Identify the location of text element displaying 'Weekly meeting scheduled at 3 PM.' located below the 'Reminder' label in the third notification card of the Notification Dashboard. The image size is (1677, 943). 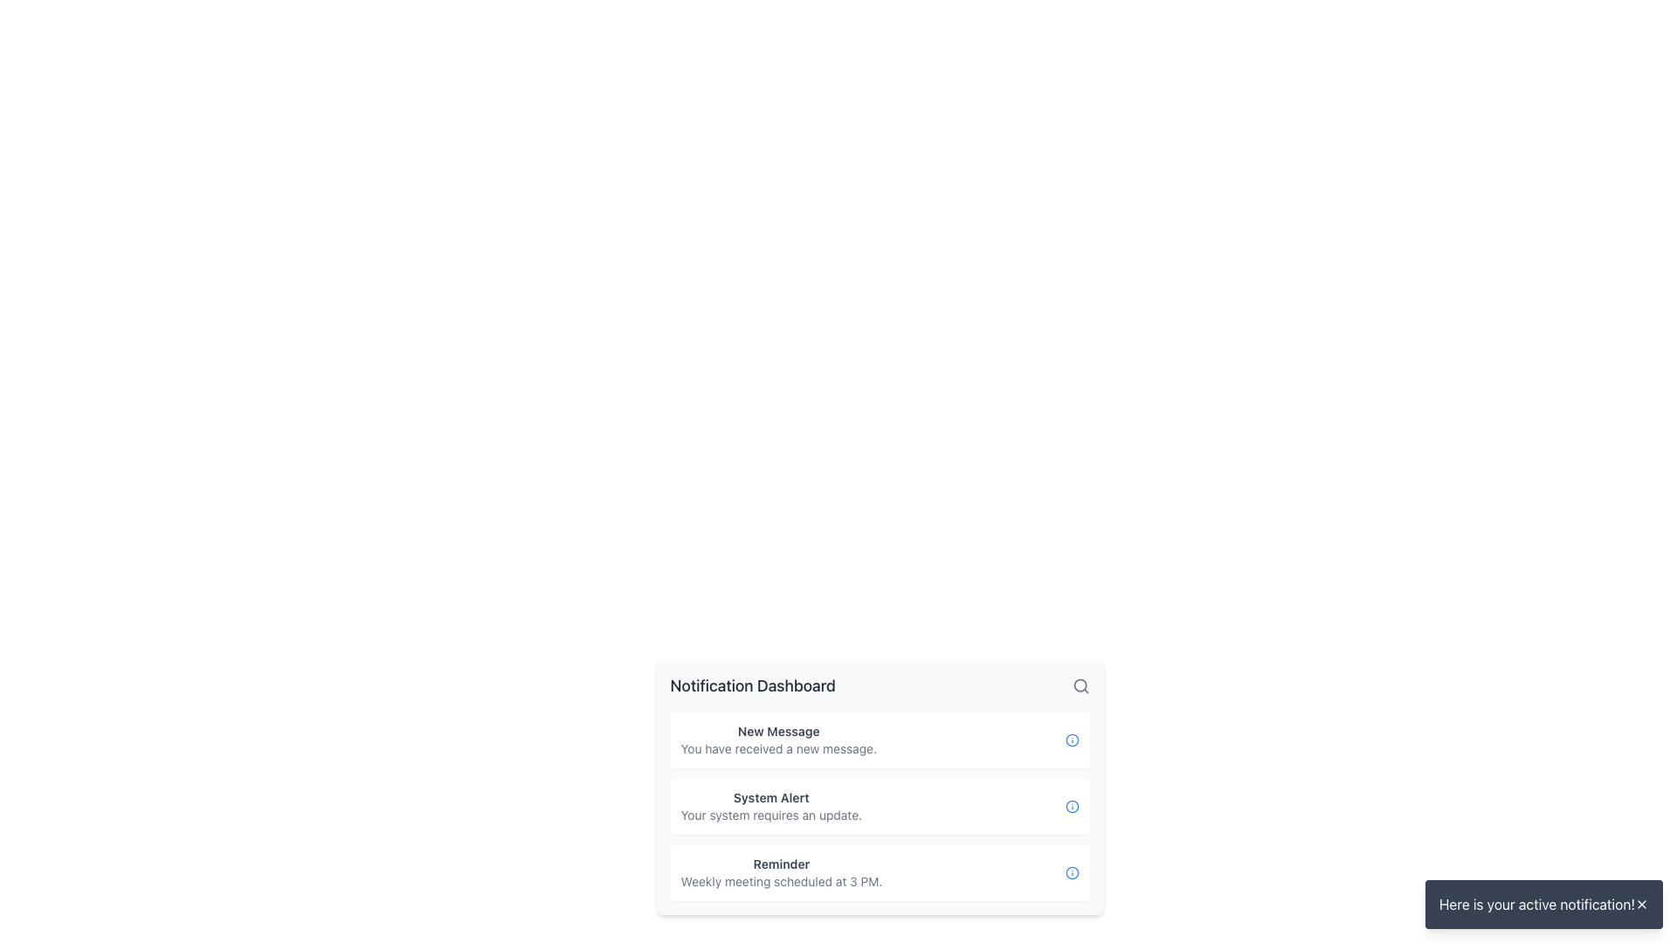
(780, 882).